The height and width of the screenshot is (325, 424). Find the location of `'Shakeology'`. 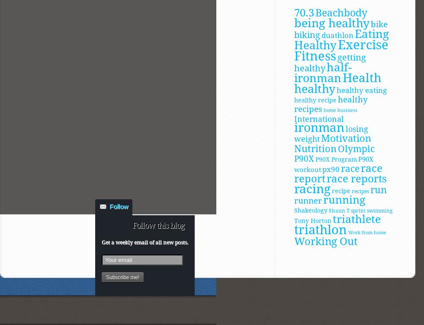

'Shakeology' is located at coordinates (294, 210).